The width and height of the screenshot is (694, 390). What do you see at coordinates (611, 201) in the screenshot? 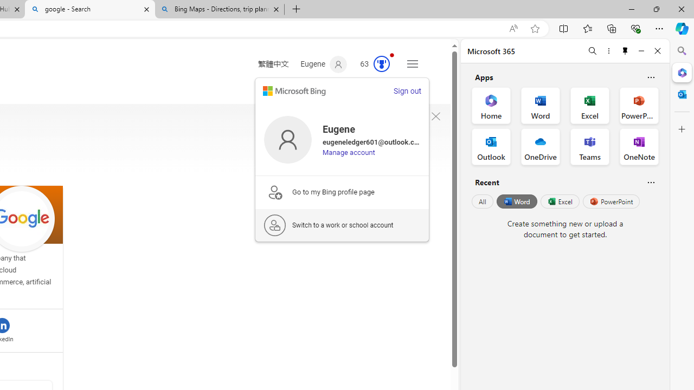
I see `'PowerPoint'` at bounding box center [611, 201].